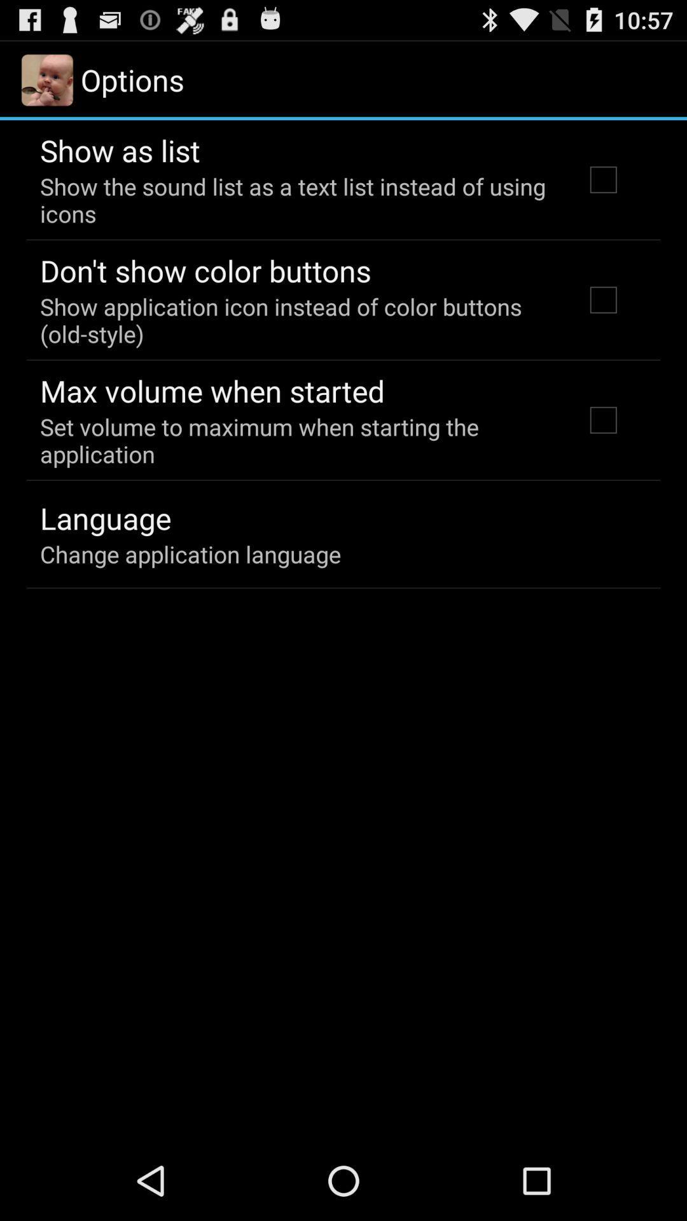  Describe the element at coordinates (295, 320) in the screenshot. I see `the show application icon item` at that location.